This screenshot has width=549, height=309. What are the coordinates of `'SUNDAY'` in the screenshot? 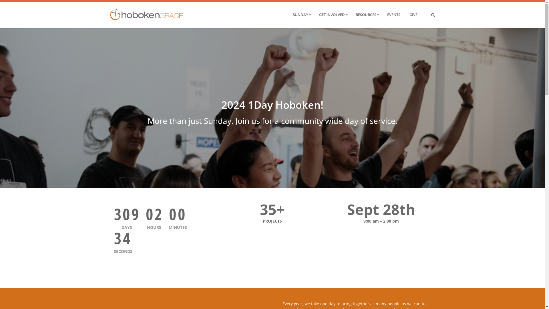 It's located at (300, 15).